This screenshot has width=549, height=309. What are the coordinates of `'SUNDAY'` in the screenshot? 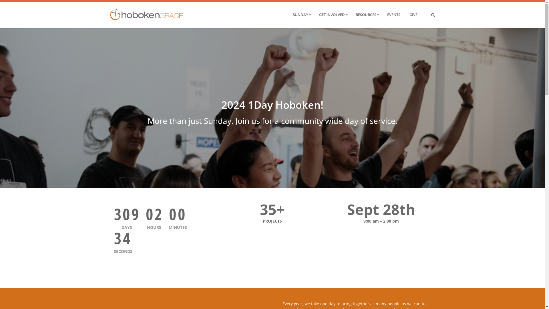 It's located at (300, 15).